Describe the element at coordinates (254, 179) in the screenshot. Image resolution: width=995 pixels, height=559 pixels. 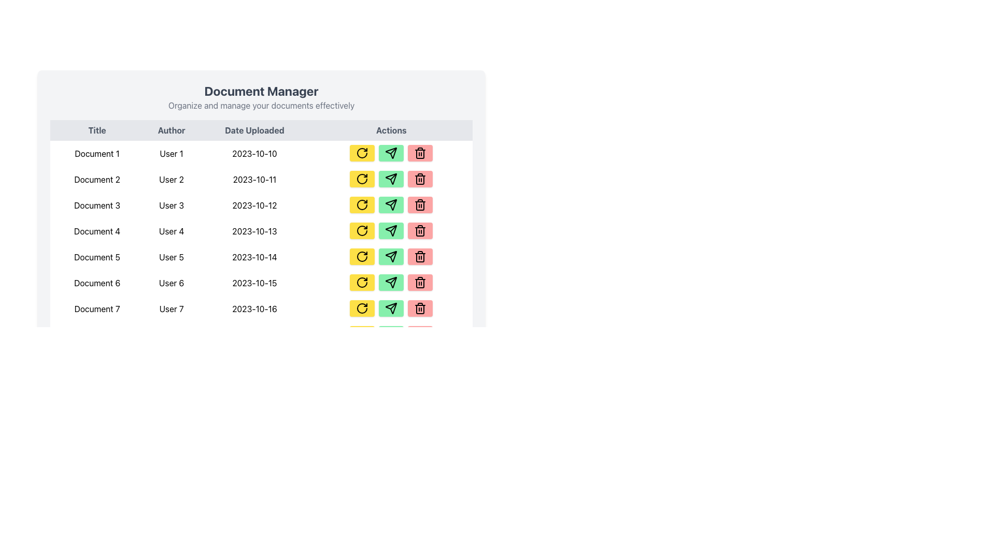
I see `the text label '2023-10-11' in the 'Date Uploaded' column of the row for 'Document 2'` at that location.